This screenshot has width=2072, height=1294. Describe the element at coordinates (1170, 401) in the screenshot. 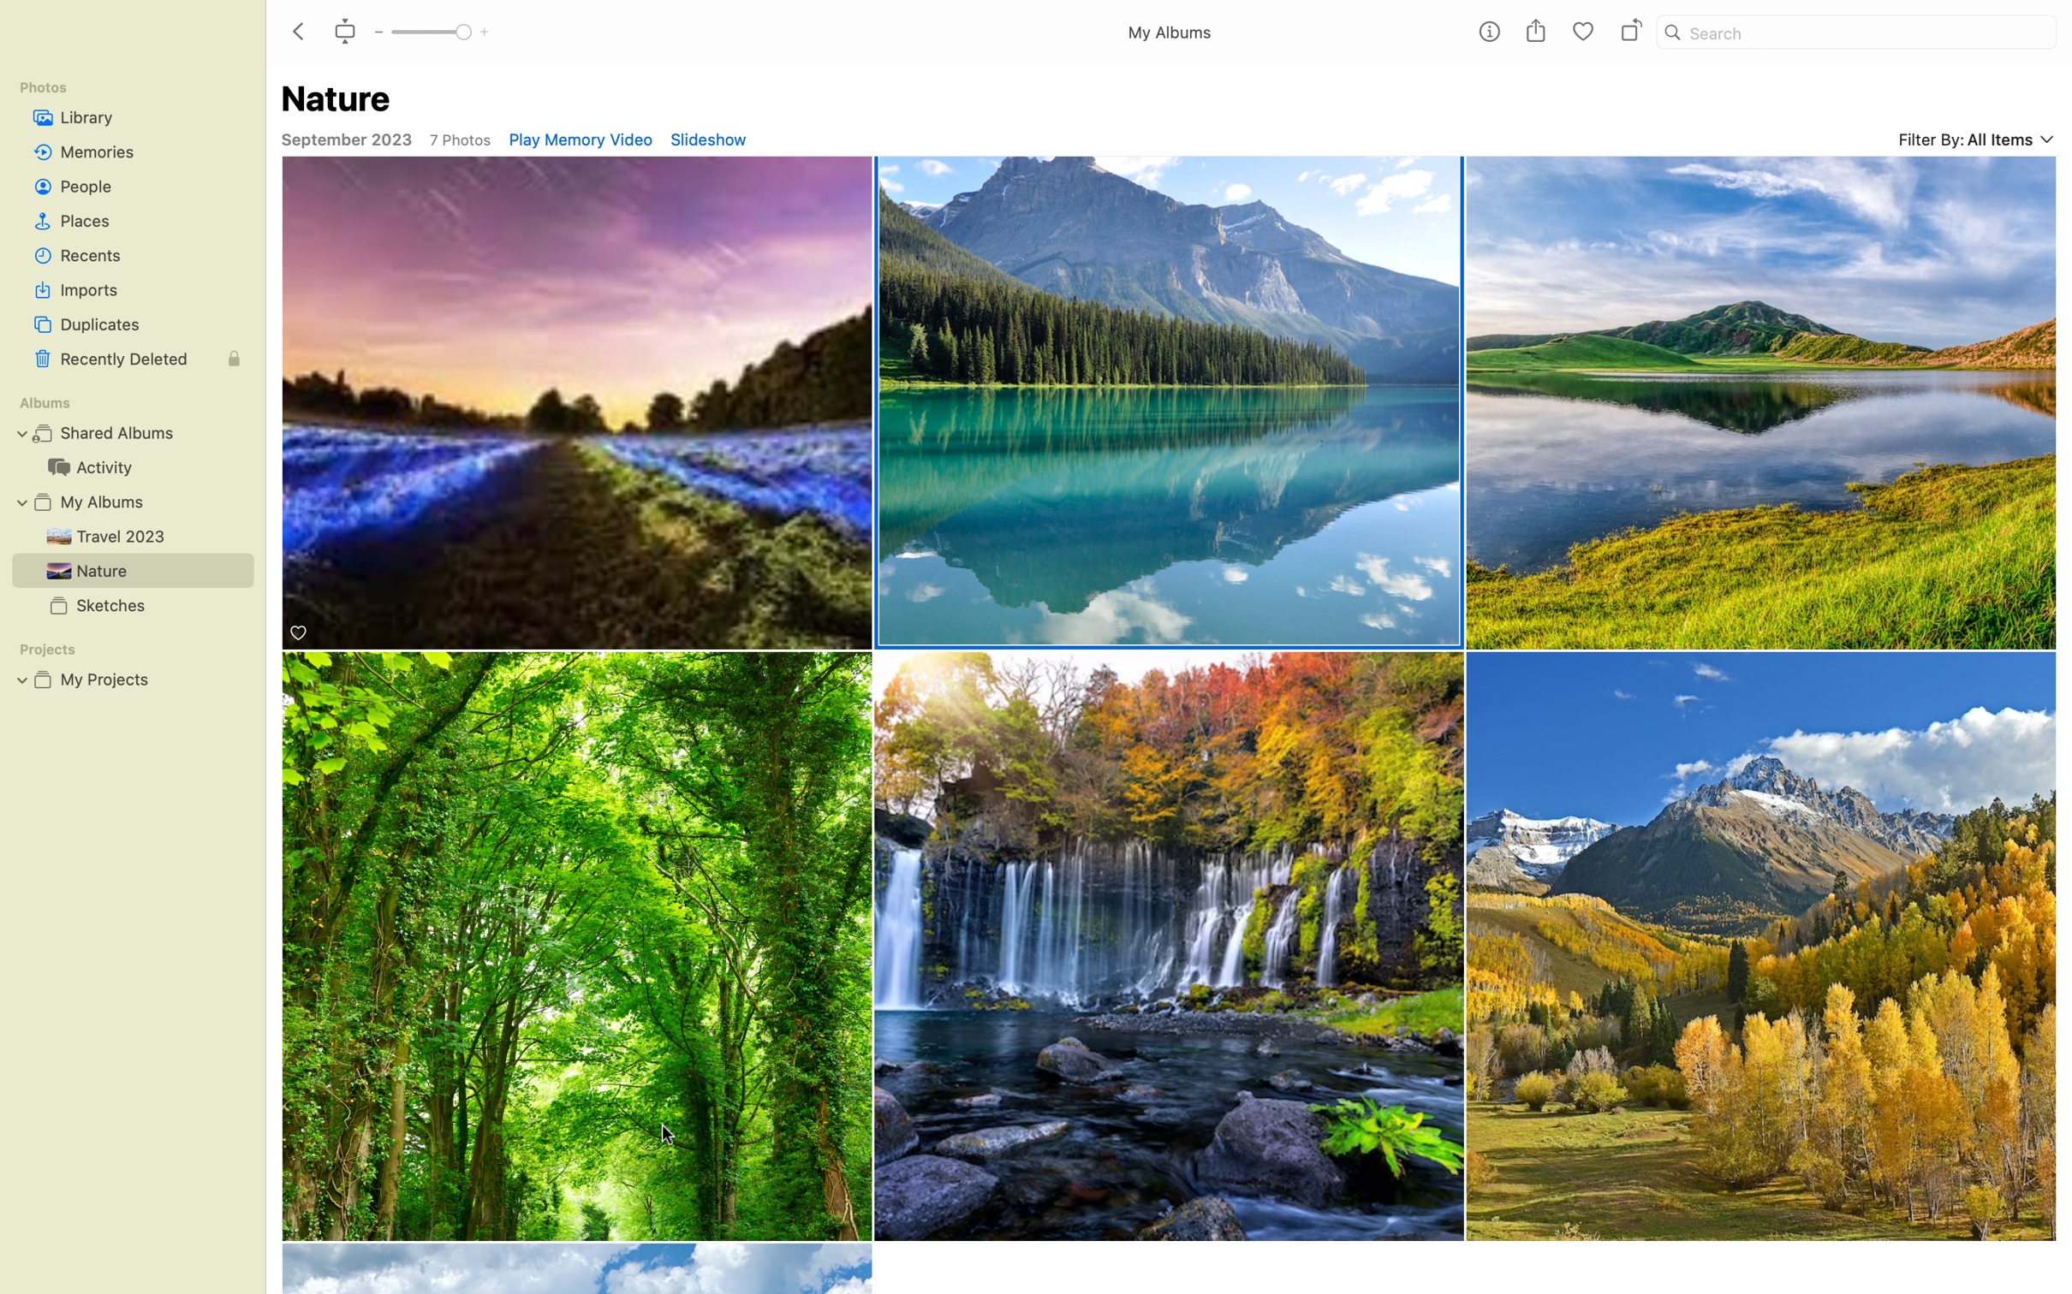

I see `From the provided options, select "Nature"` at that location.